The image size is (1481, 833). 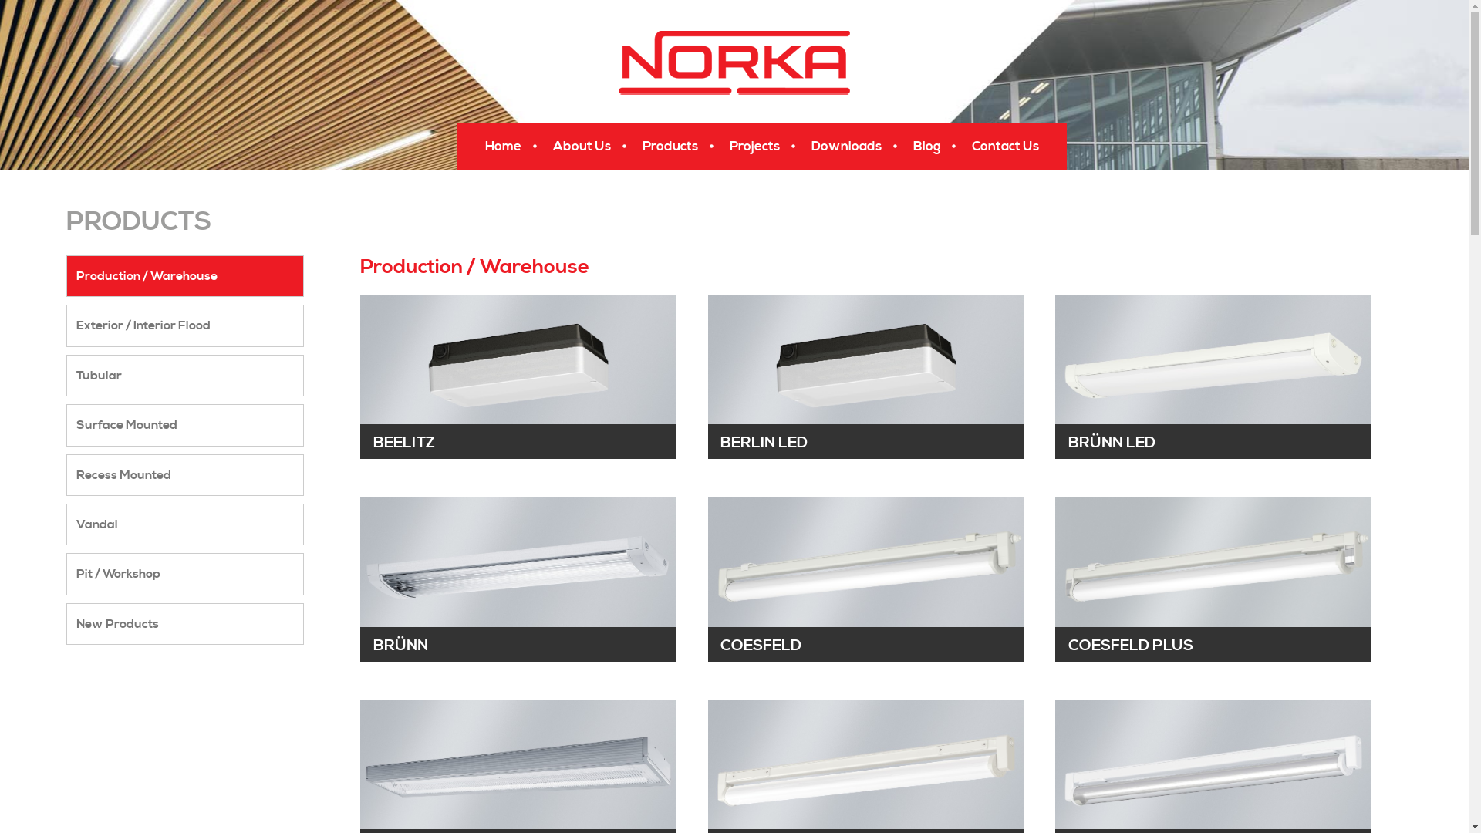 I want to click on 'Surface Mounted', so click(x=185, y=425).